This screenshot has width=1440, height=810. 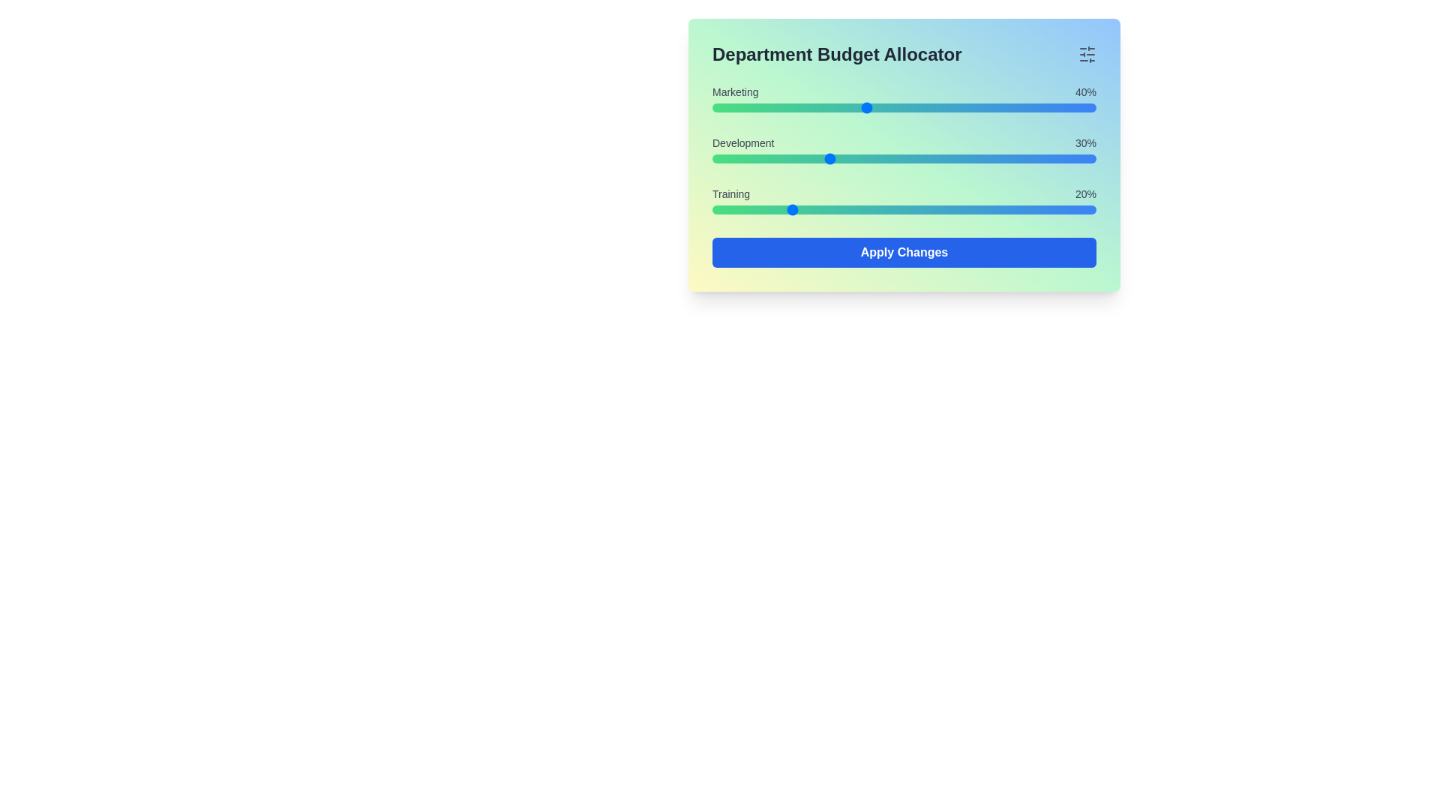 I want to click on the Marketing budget slider to 2%, so click(x=720, y=106).